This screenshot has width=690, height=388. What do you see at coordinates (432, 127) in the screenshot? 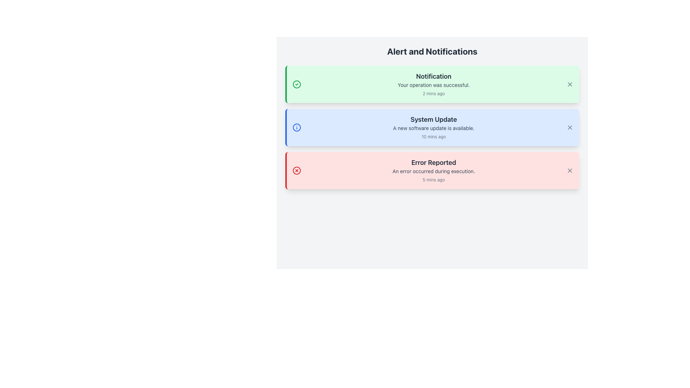
I see `the Notification card that provides information about a recent system update, which is the second card in a list of three notifications` at bounding box center [432, 127].